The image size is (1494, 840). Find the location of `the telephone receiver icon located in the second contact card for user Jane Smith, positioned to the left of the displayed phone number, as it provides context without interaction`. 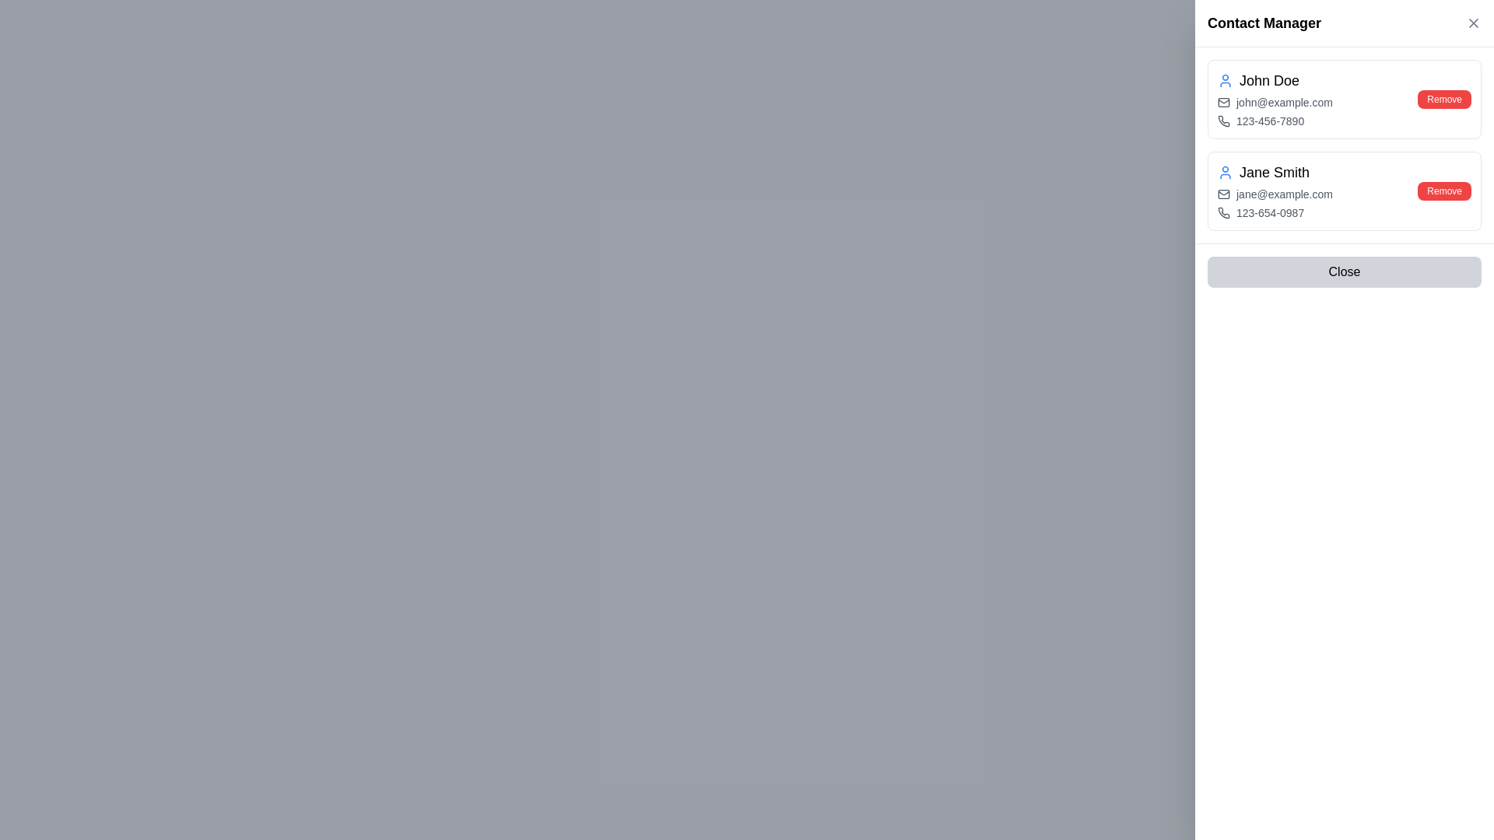

the telephone receiver icon located in the second contact card for user Jane Smith, positioned to the left of the displayed phone number, as it provides context without interaction is located at coordinates (1223, 212).